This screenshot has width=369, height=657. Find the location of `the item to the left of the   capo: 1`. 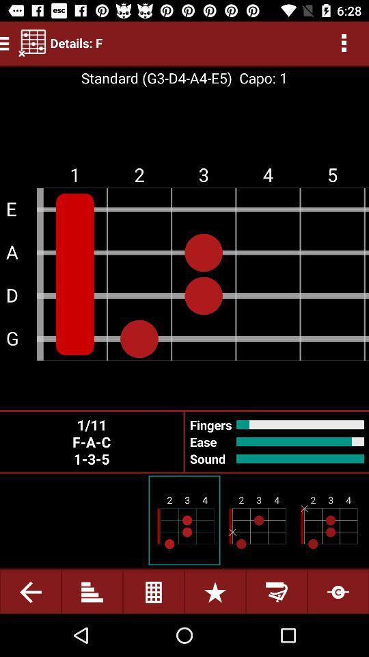

the item to the left of the   capo: 1 is located at coordinates (156, 78).